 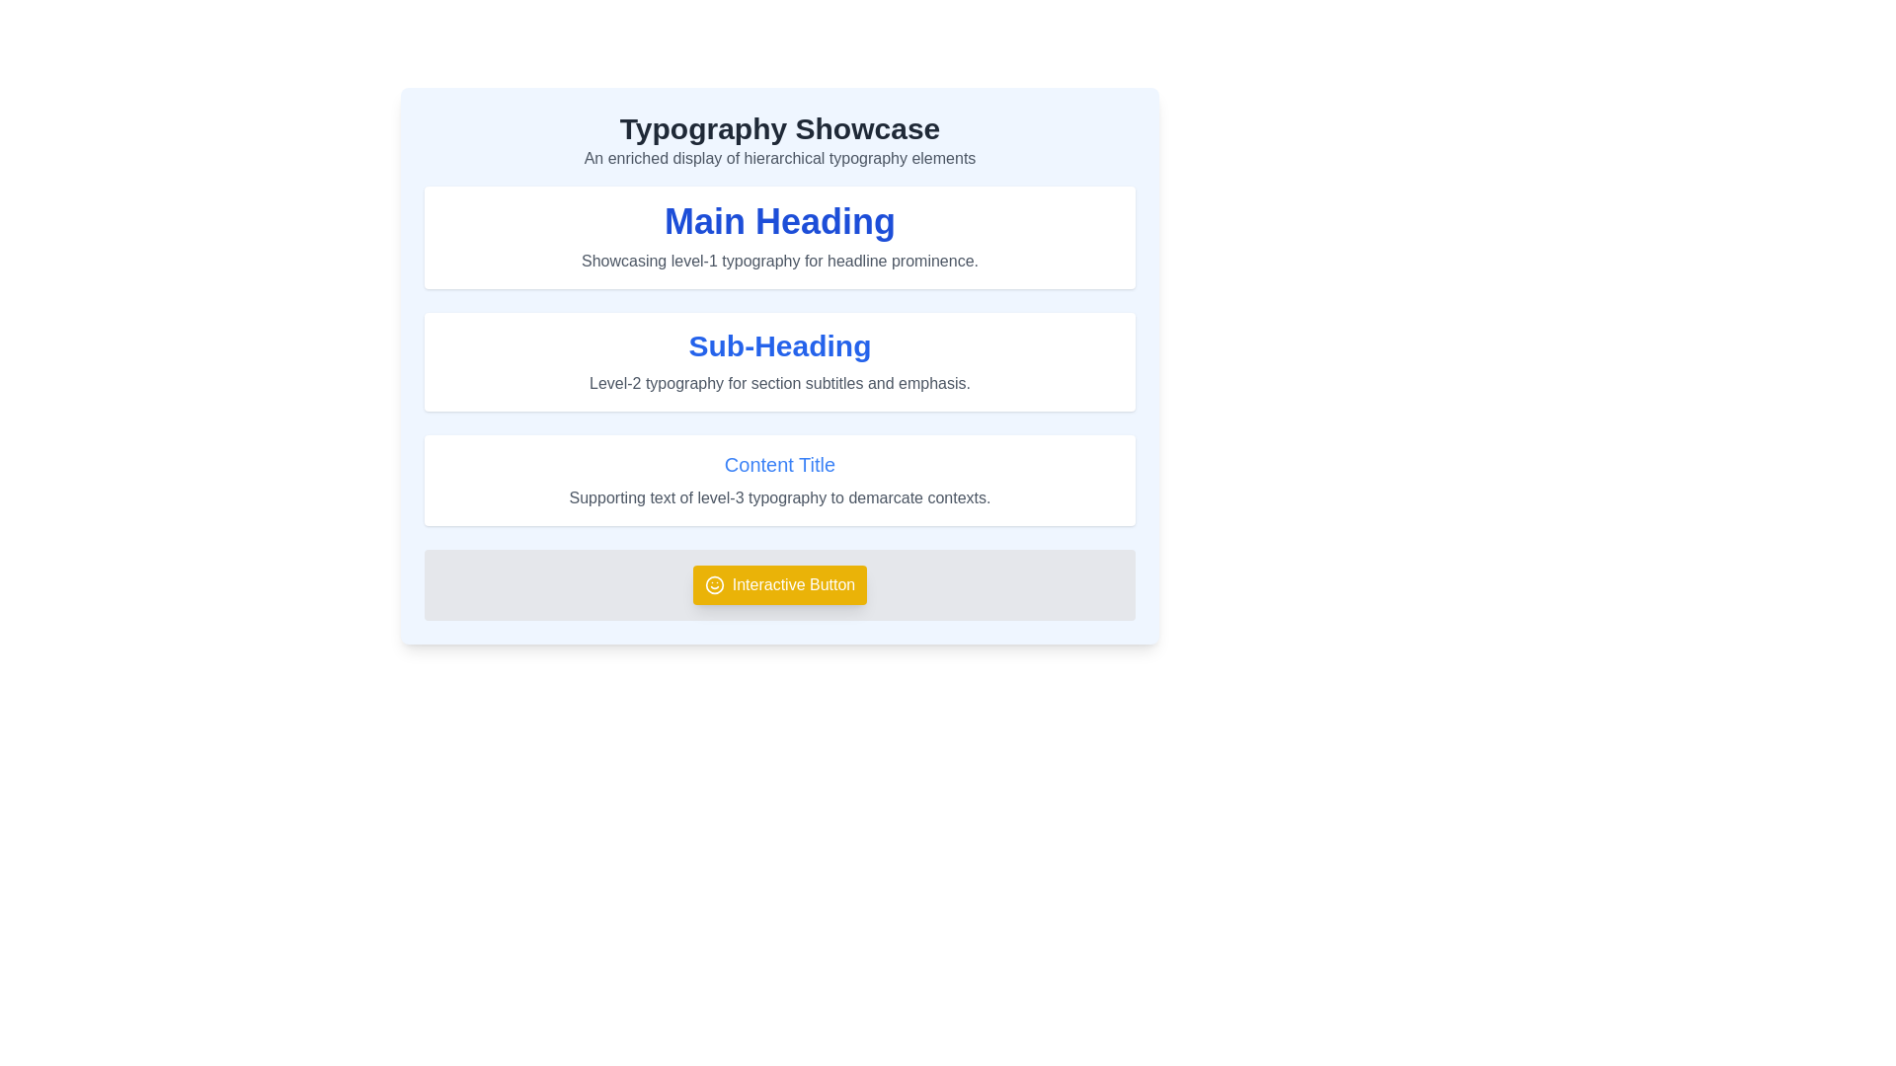 What do you see at coordinates (713, 584) in the screenshot?
I see `the visual feedback of the decorative icon located on the left side of the text label within the Interactive Button` at bounding box center [713, 584].